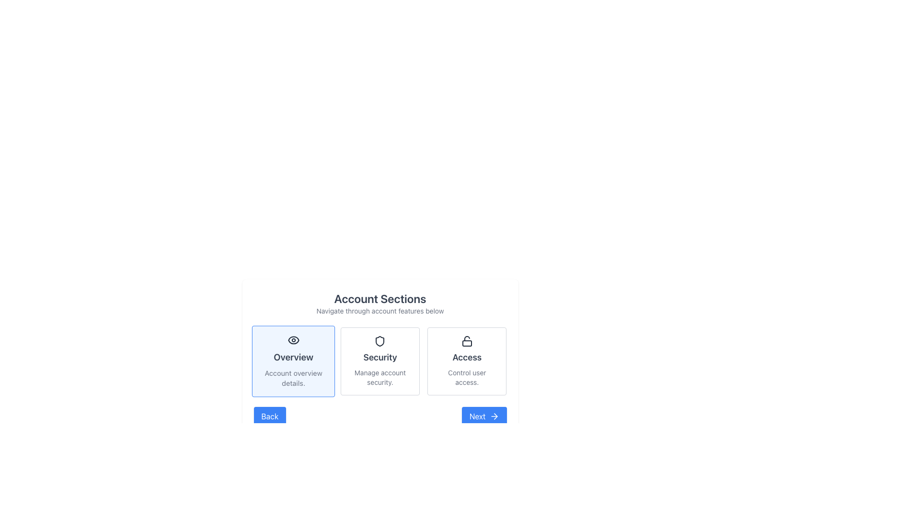 Image resolution: width=920 pixels, height=517 pixels. I want to click on the 'Back' button with a blue background and white text, so click(269, 416).